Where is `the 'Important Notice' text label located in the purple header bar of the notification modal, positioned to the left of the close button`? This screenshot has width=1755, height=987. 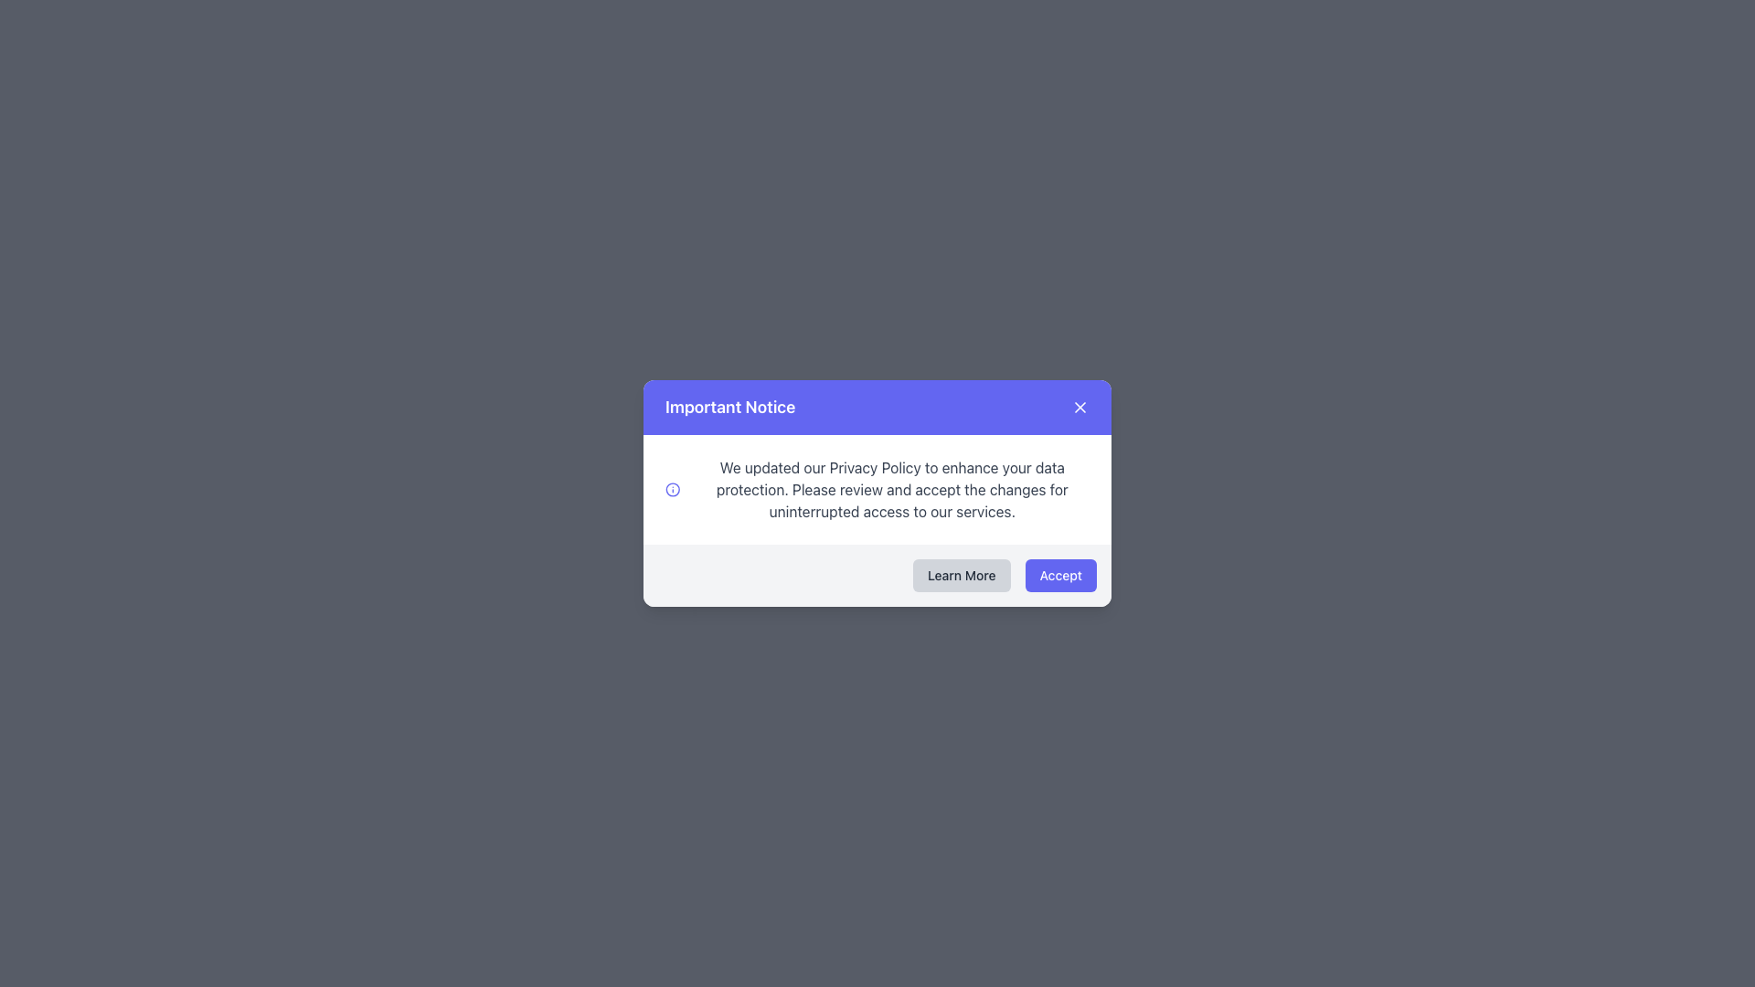
the 'Important Notice' text label located in the purple header bar of the notification modal, positioned to the left of the close button is located at coordinates (729, 407).